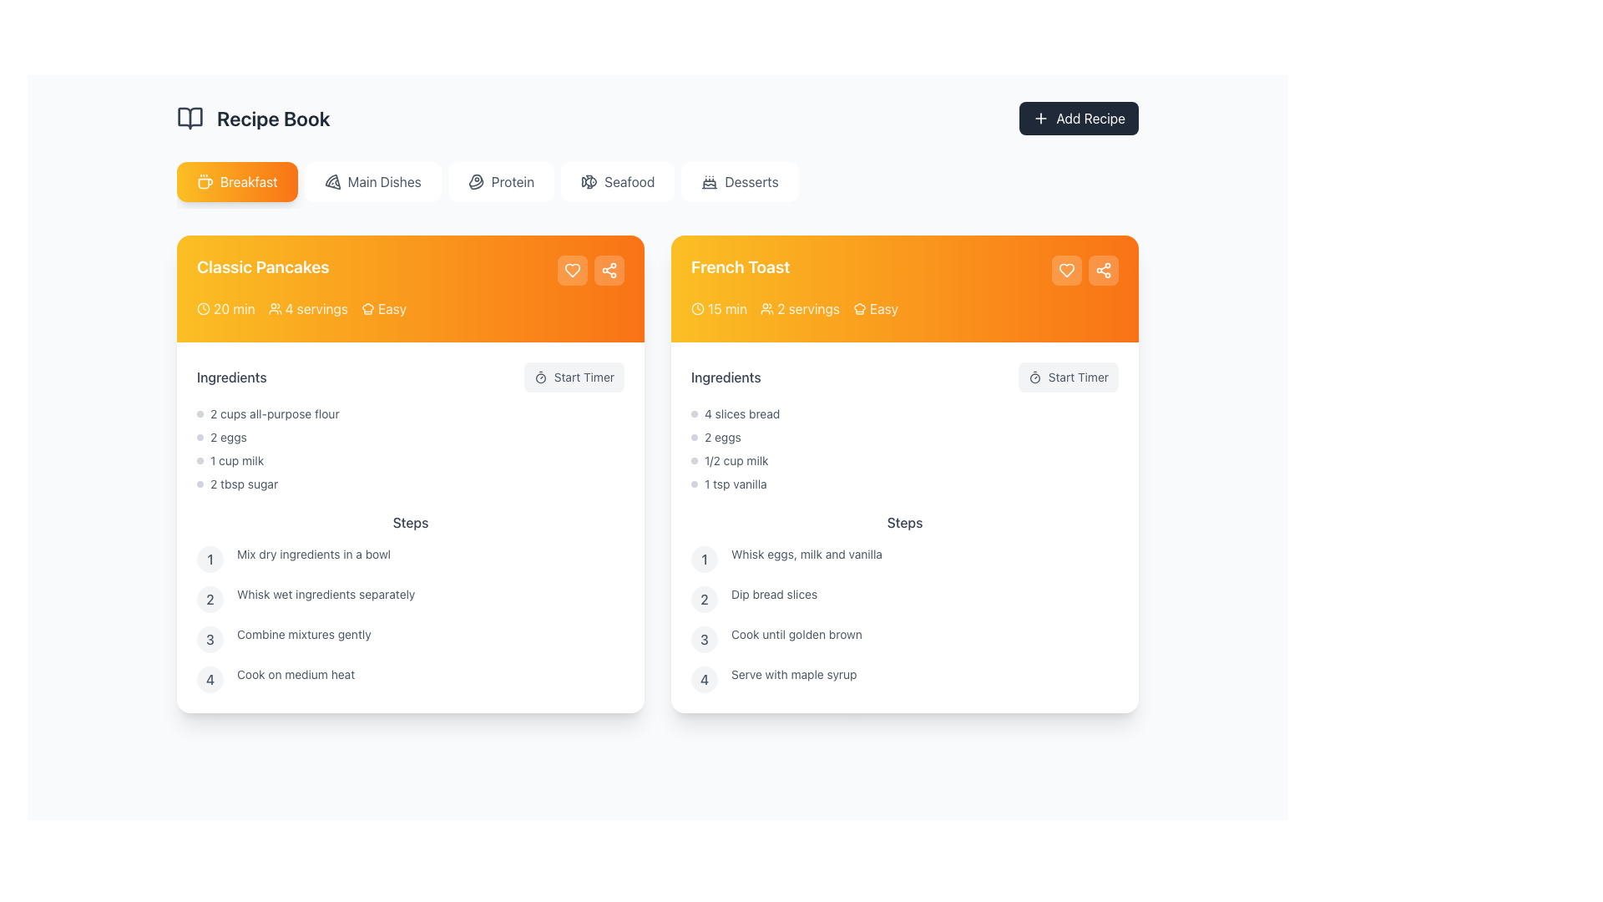 The image size is (1603, 902). I want to click on displayed static text that provides instructions for serving the dish with maple syrup, located on the right-hand side of the 'French Toast' card, as the last step in the 'Steps' section, so click(793, 679).